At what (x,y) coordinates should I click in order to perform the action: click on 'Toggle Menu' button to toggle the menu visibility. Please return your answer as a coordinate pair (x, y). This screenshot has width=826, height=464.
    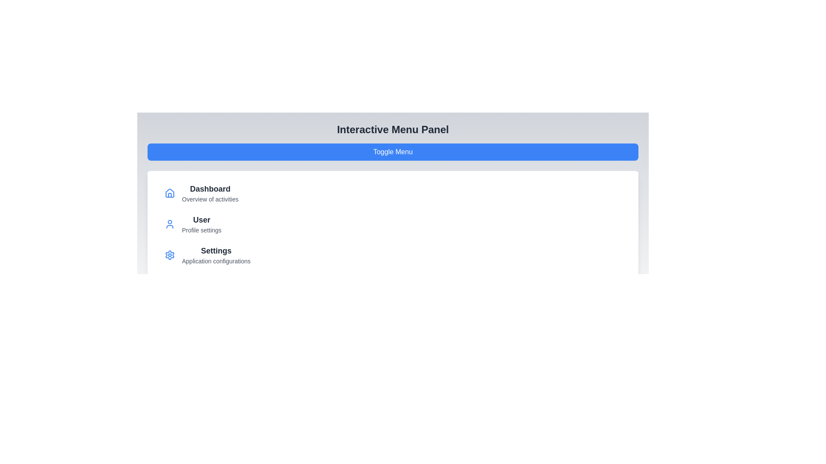
    Looking at the image, I should click on (392, 152).